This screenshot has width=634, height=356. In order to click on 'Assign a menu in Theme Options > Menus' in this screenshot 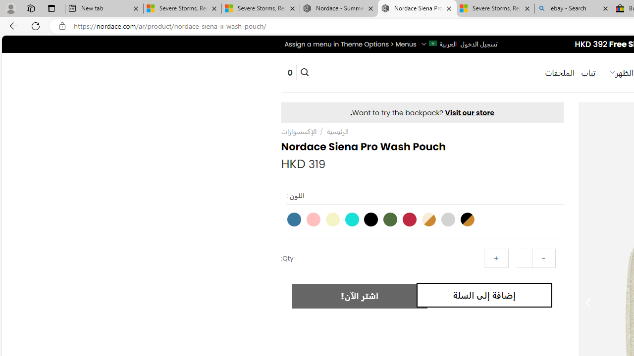, I will do `click(350, 44)`.